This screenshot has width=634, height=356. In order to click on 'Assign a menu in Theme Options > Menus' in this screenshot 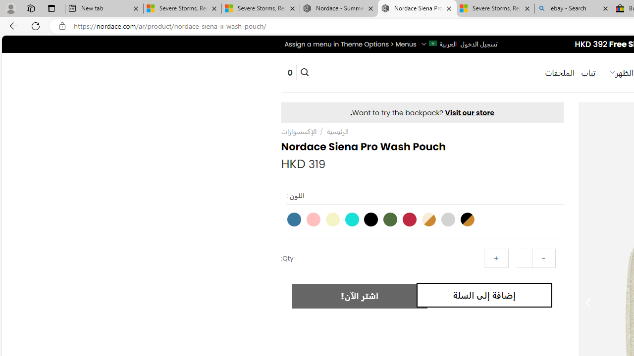, I will do `click(350, 44)`.